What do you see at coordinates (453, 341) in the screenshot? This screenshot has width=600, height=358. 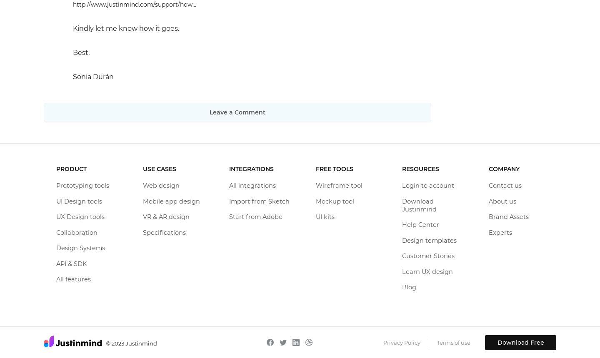 I see `'Terms of use'` at bounding box center [453, 341].